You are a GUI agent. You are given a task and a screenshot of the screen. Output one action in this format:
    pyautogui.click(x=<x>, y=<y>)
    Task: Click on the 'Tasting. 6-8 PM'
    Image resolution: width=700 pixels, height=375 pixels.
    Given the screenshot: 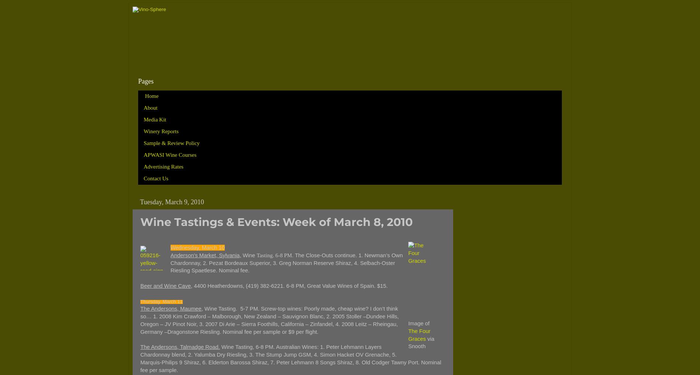 What is the action you would take?
    pyautogui.click(x=274, y=255)
    